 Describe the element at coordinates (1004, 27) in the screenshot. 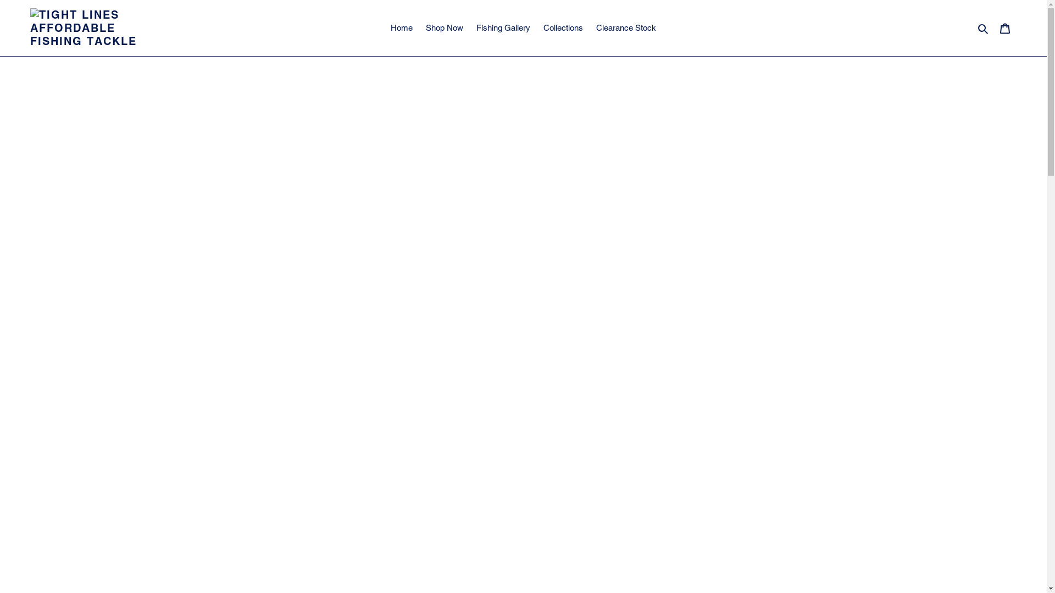

I see `'Cart'` at that location.